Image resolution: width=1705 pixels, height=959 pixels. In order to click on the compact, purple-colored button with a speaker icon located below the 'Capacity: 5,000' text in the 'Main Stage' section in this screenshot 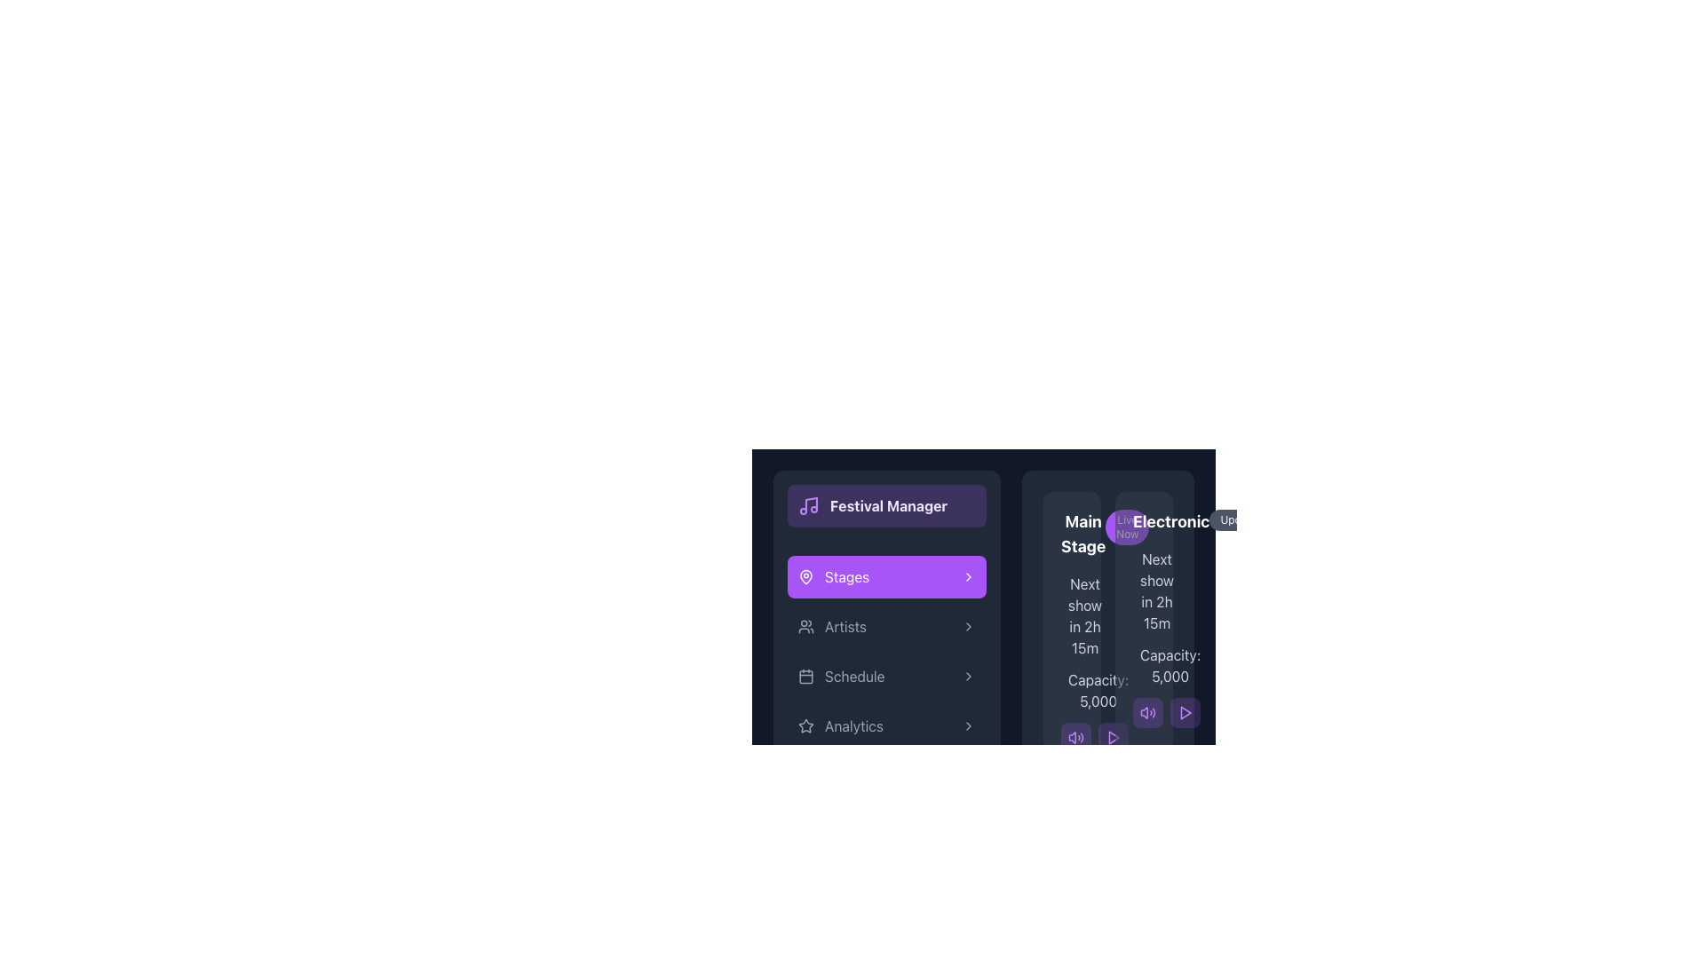, I will do `click(1071, 737)`.